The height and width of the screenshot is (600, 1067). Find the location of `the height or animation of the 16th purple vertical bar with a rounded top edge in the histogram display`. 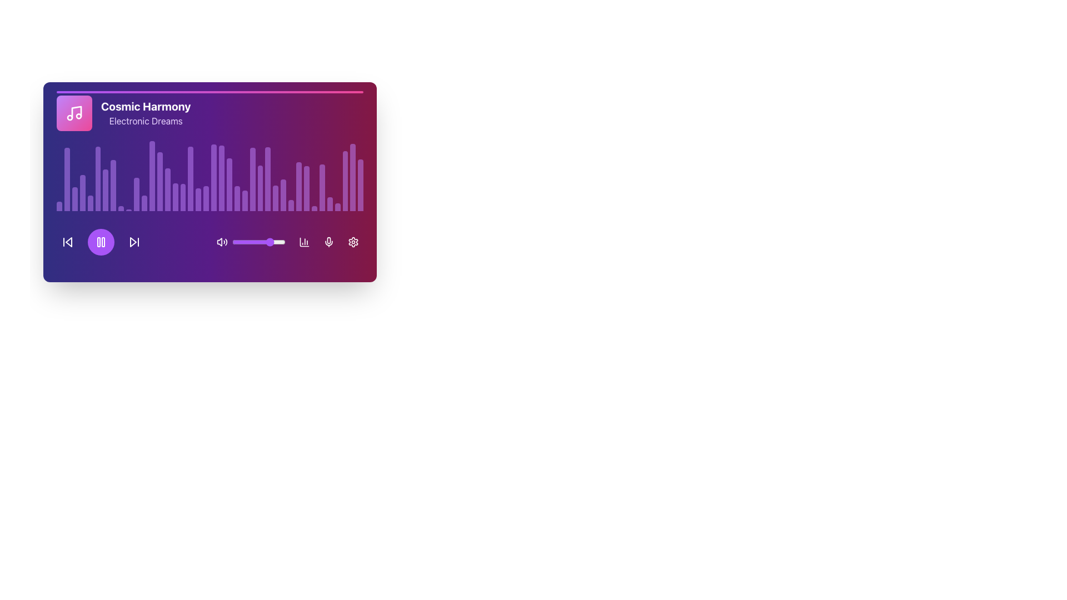

the height or animation of the 16th purple vertical bar with a rounded top edge in the histogram display is located at coordinates (174, 196).